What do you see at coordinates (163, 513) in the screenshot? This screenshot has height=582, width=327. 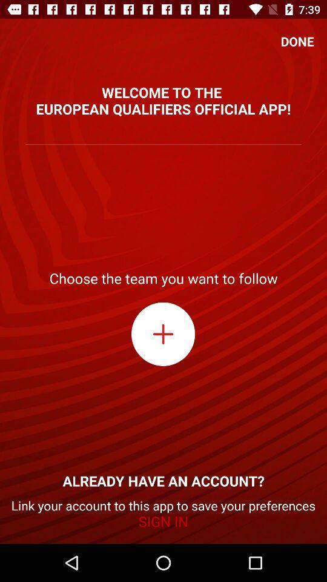 I see `the link your account icon` at bounding box center [163, 513].